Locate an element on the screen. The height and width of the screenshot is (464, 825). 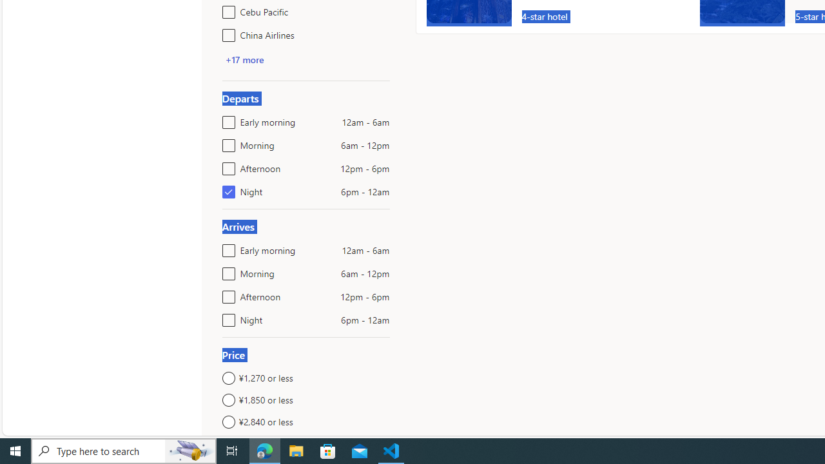
'Morning6am - 12pm' is located at coordinates (226, 270).